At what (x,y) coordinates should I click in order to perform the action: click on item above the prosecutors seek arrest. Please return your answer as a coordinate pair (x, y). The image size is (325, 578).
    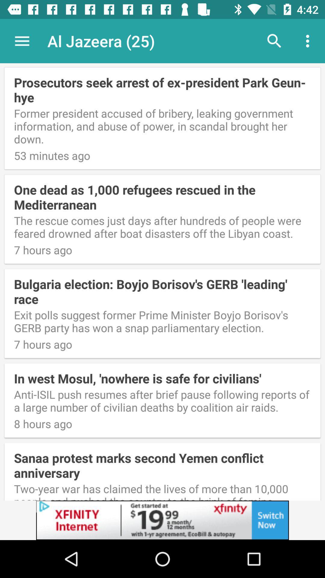
    Looking at the image, I should click on (309, 41).